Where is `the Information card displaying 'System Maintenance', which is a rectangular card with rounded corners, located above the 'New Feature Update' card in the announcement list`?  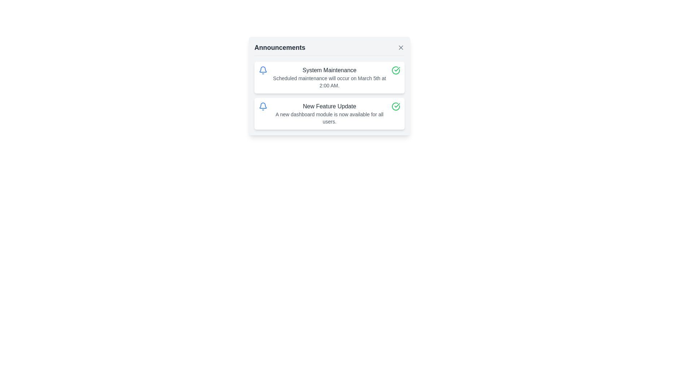
the Information card displaying 'System Maintenance', which is a rectangular card with rounded corners, located above the 'New Feature Update' card in the announcement list is located at coordinates (329, 78).